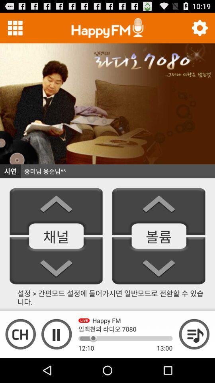  Describe the element at coordinates (56, 357) in the screenshot. I see `the pause icon` at that location.